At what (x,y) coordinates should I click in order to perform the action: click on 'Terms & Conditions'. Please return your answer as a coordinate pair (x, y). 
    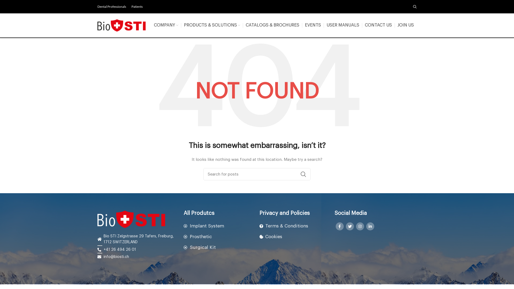
    Looking at the image, I should click on (294, 226).